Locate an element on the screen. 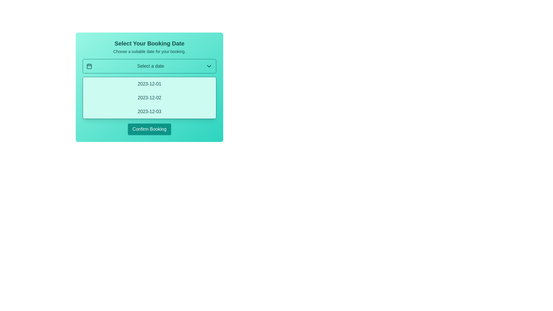 This screenshot has width=553, height=311. the Dropdown options menu is located at coordinates (149, 87).